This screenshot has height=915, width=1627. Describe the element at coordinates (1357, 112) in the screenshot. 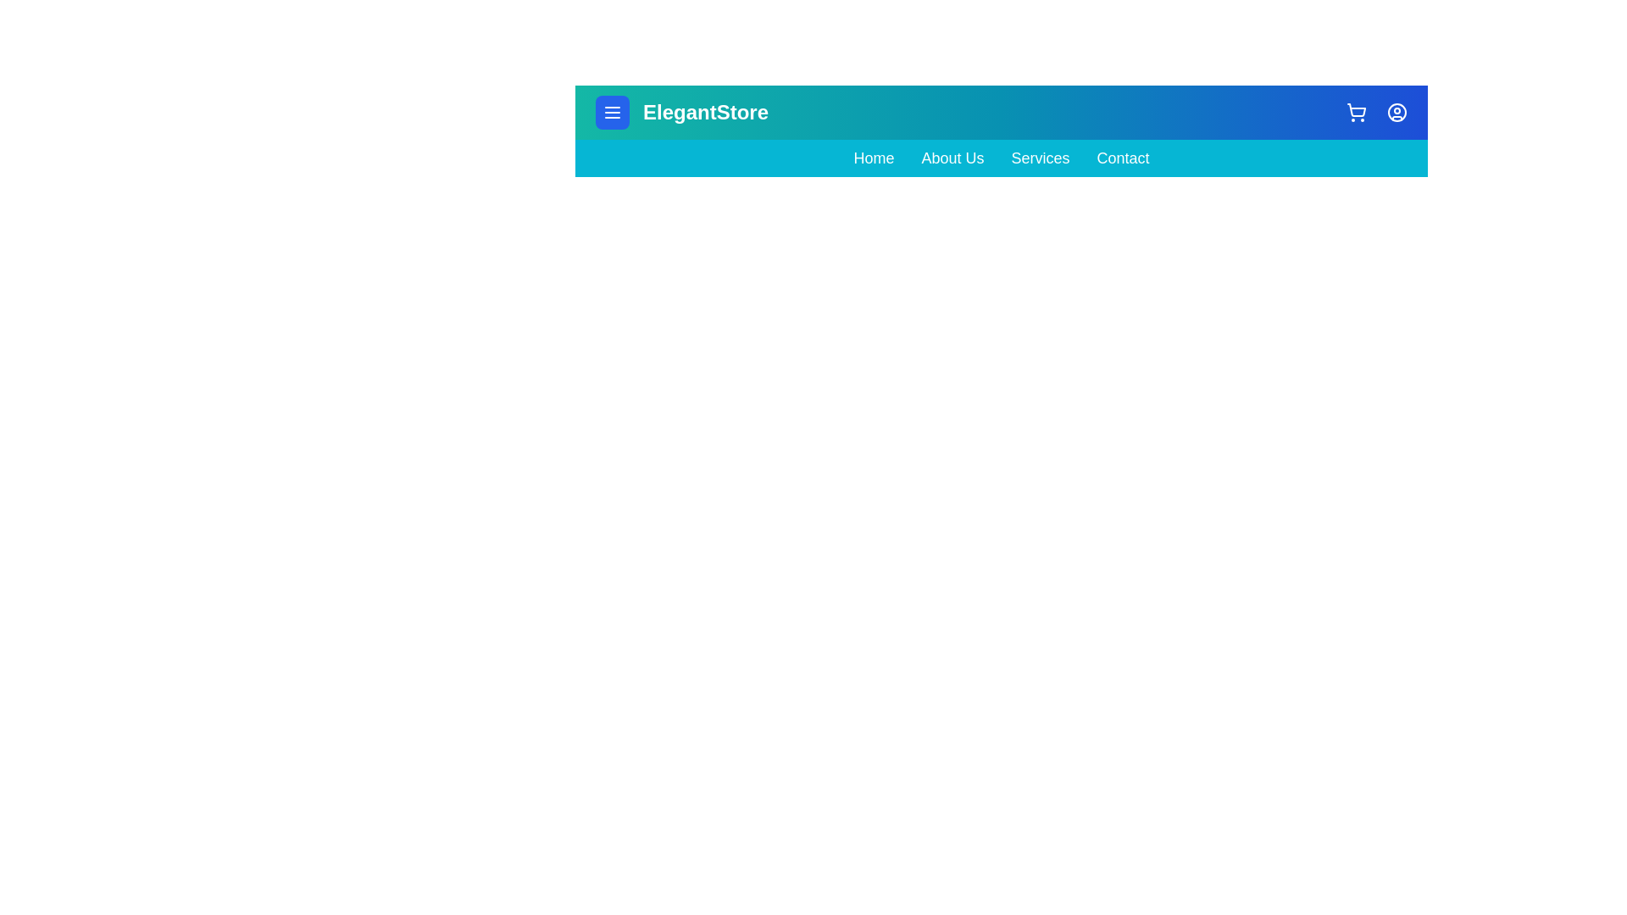

I see `the shopping cart icon` at that location.